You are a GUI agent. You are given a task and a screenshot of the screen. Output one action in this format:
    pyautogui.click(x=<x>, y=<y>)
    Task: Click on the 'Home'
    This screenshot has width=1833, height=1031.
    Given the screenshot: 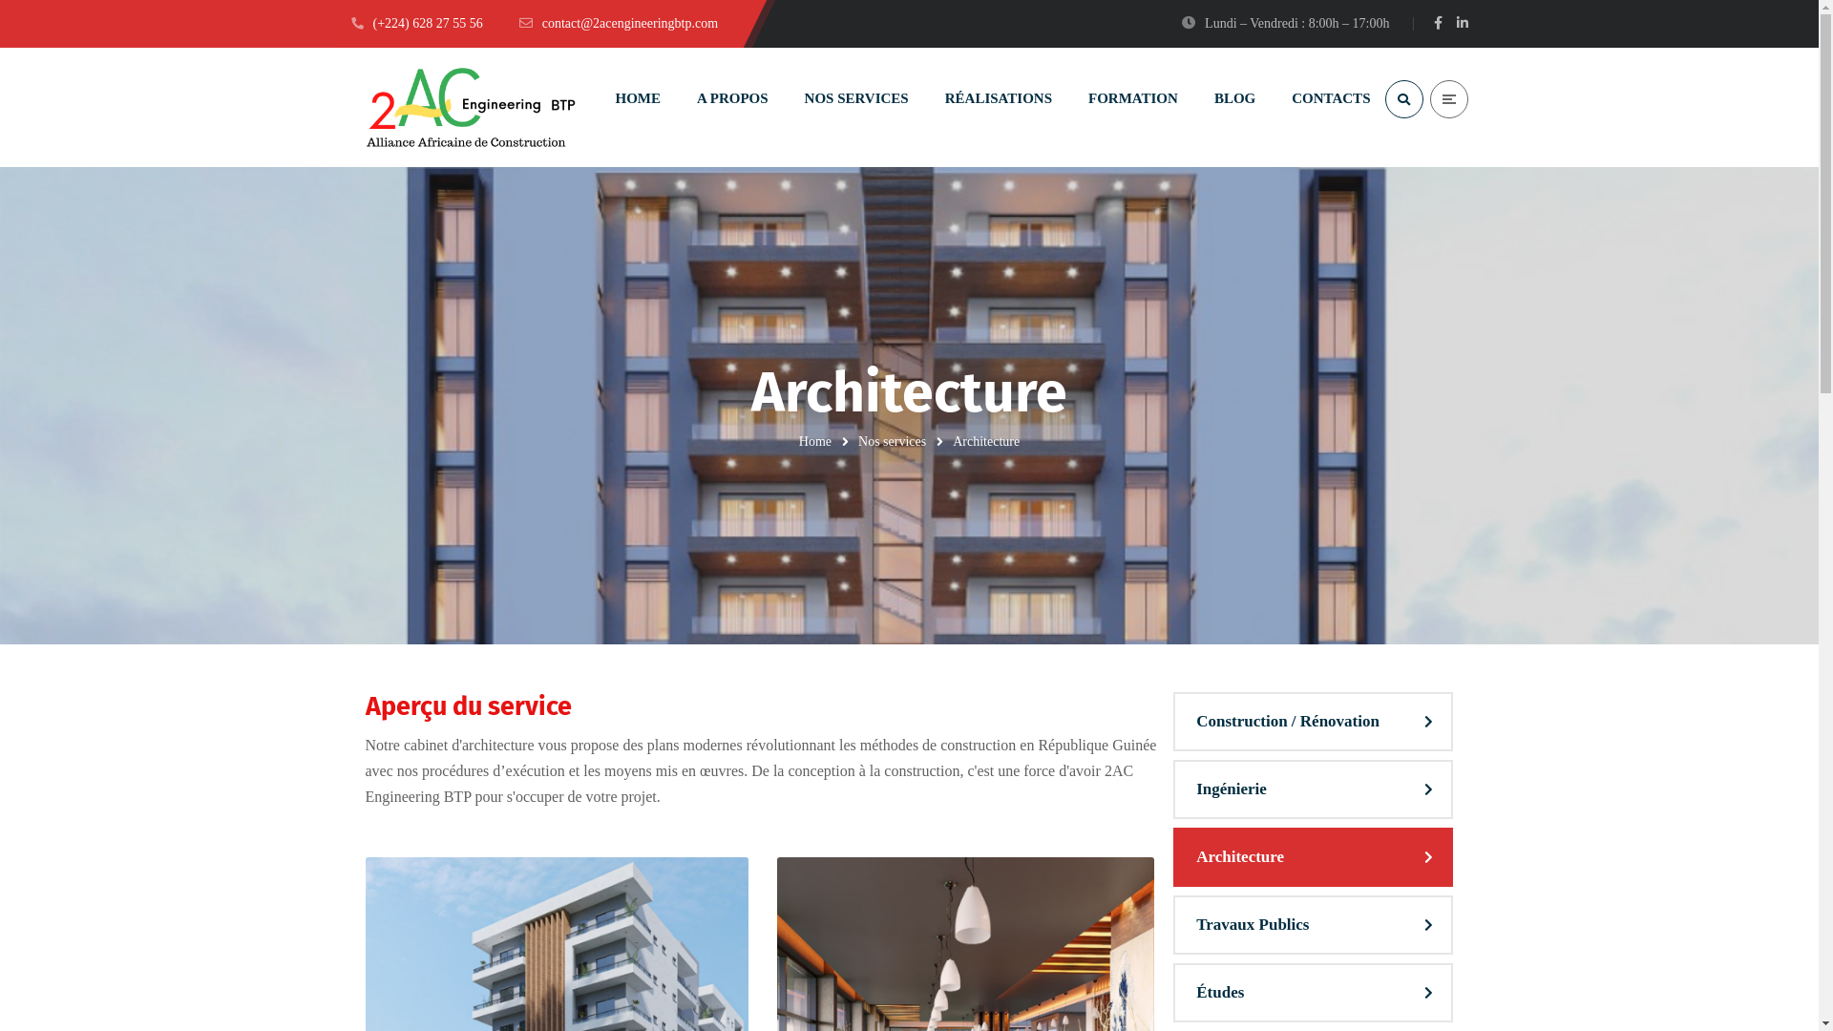 What is the action you would take?
    pyautogui.click(x=798, y=441)
    